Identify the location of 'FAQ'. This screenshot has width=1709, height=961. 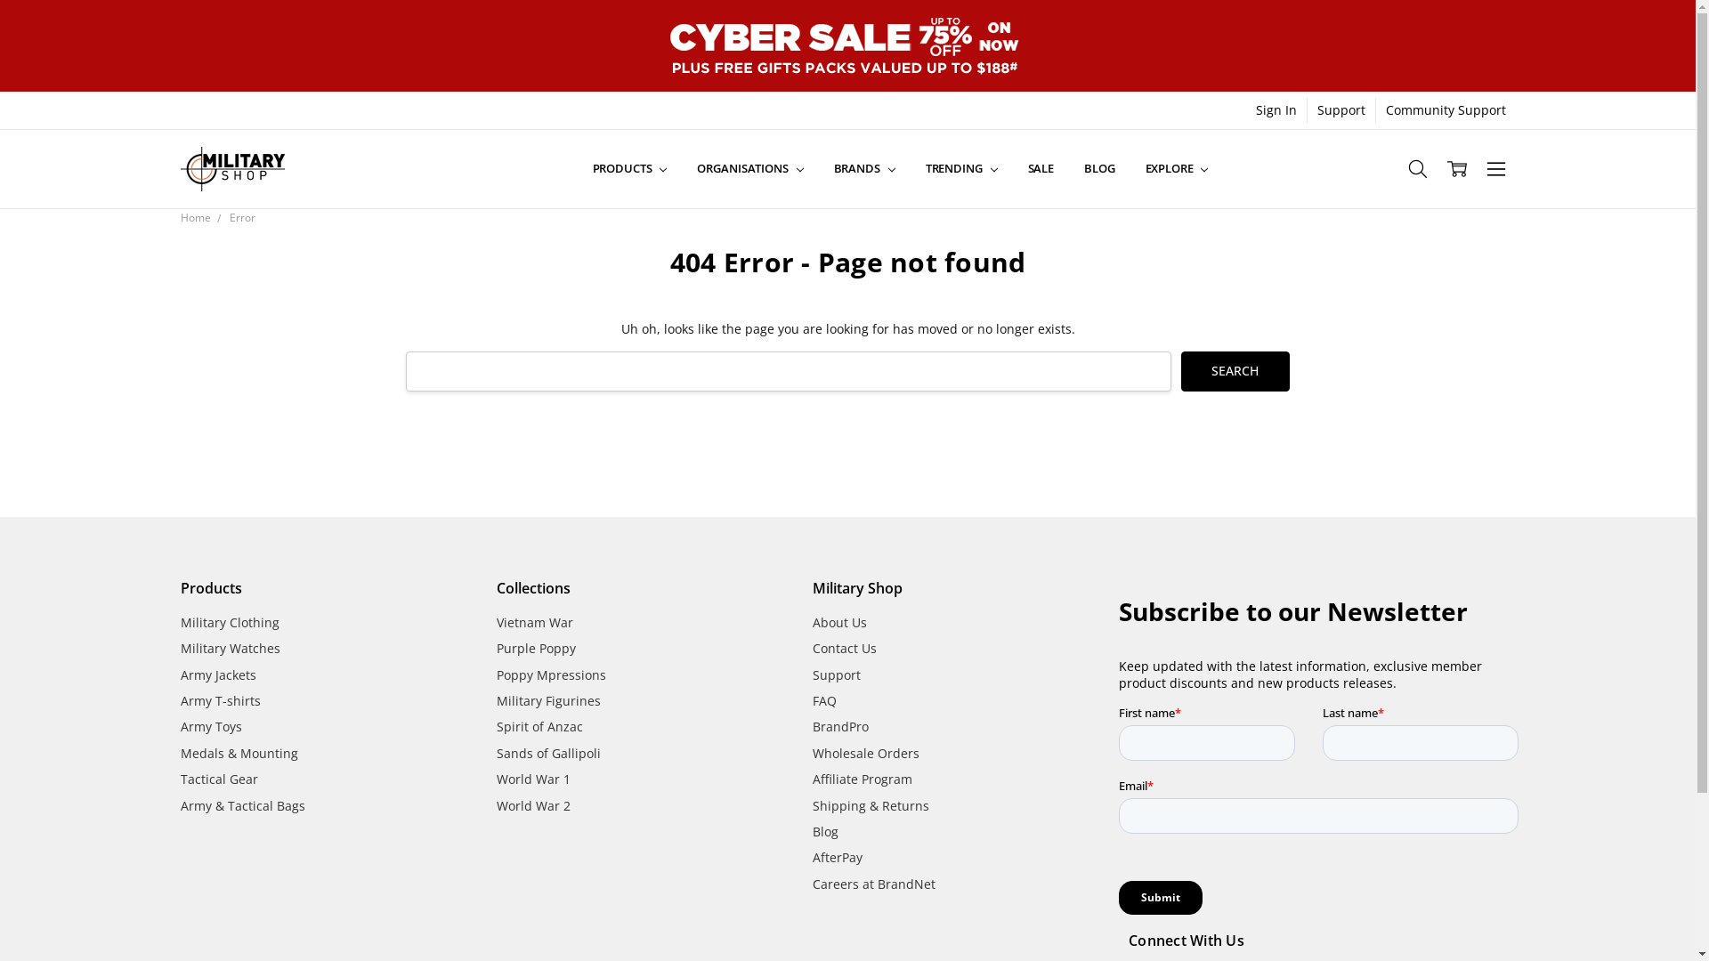
(823, 699).